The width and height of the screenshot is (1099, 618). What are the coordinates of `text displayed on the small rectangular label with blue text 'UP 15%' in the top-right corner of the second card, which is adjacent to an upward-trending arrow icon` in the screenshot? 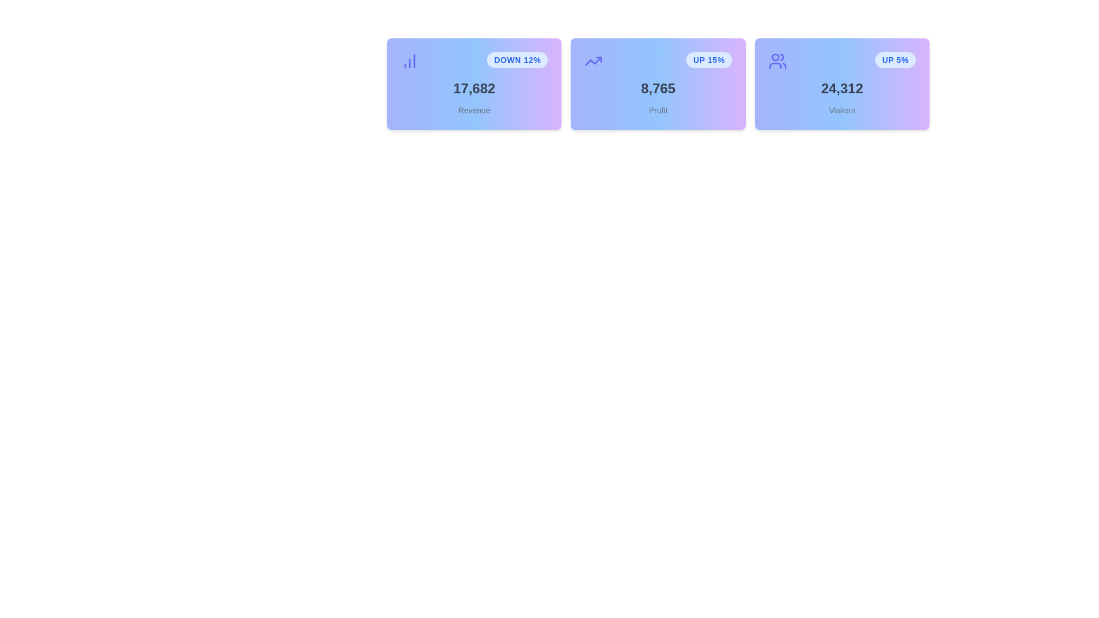 It's located at (708, 60).